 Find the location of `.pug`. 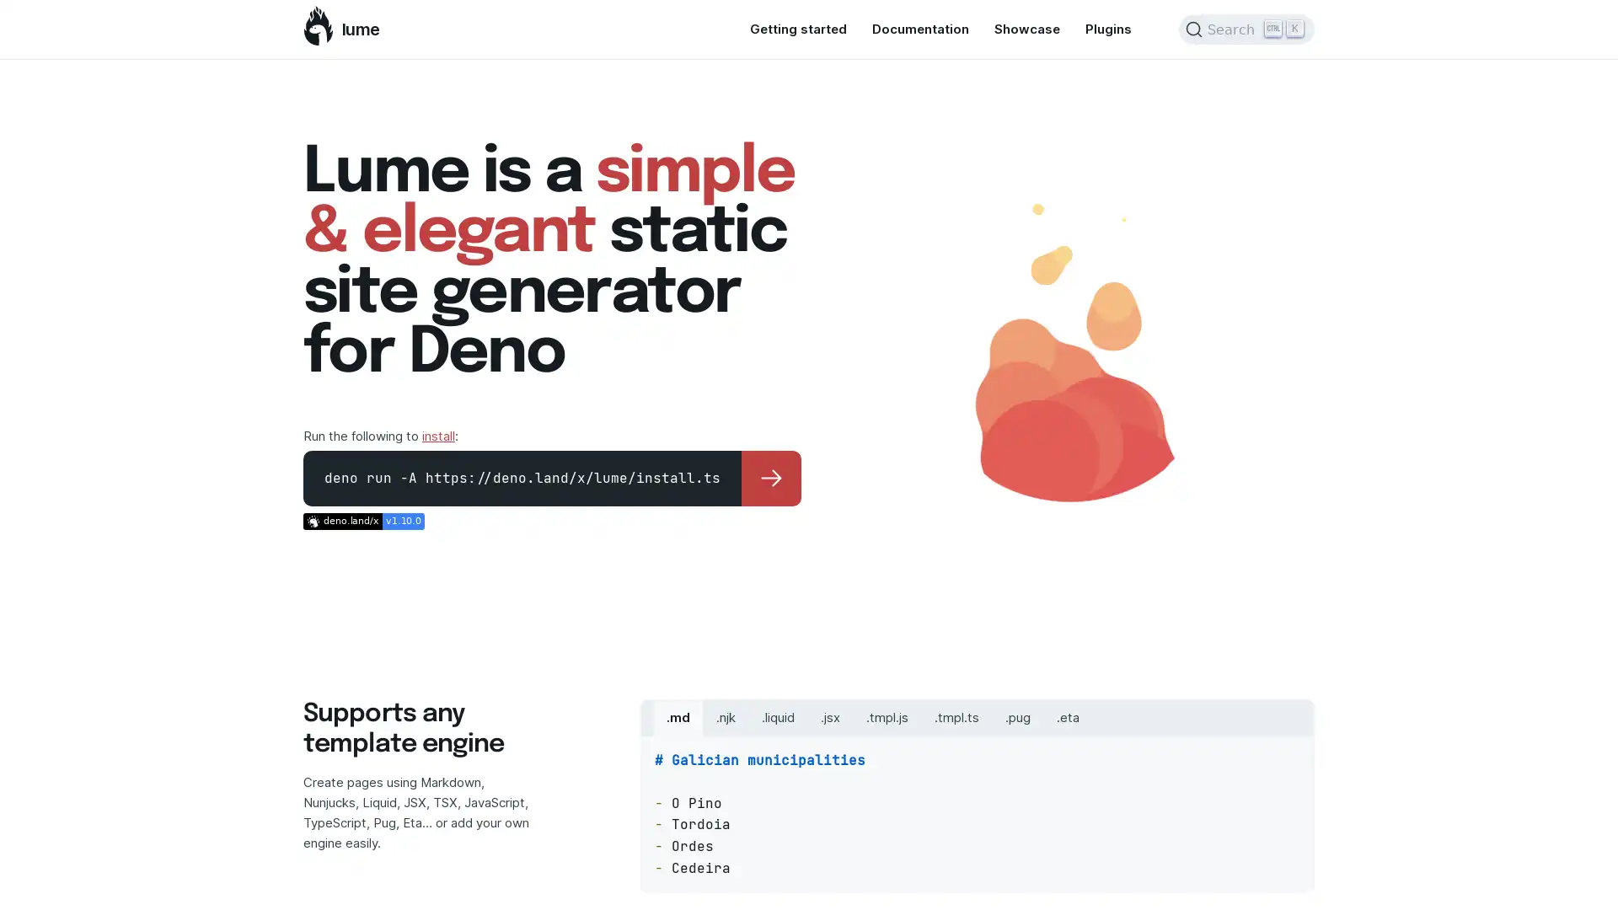

.pug is located at coordinates (1017, 717).